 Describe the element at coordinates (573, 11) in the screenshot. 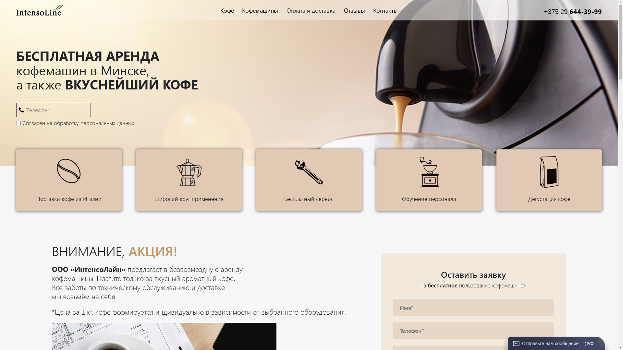

I see `'+375 29 644-39-99'` at that location.